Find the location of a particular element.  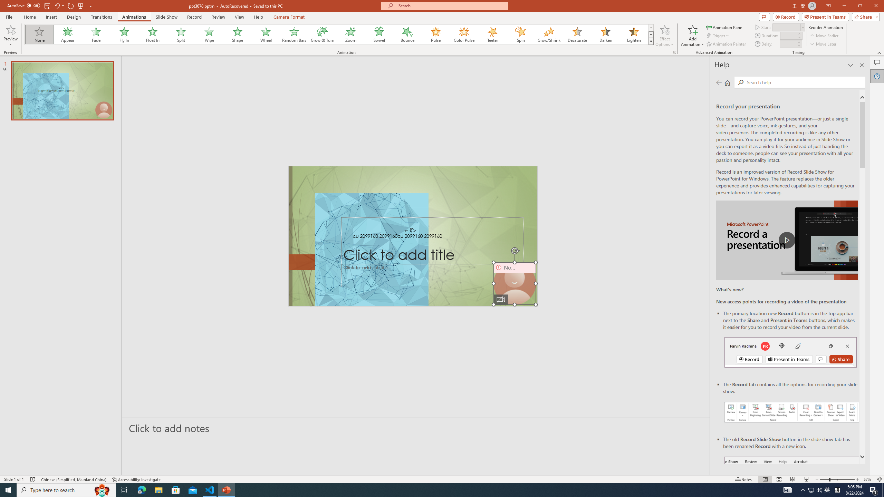

'Split' is located at coordinates (181, 34).